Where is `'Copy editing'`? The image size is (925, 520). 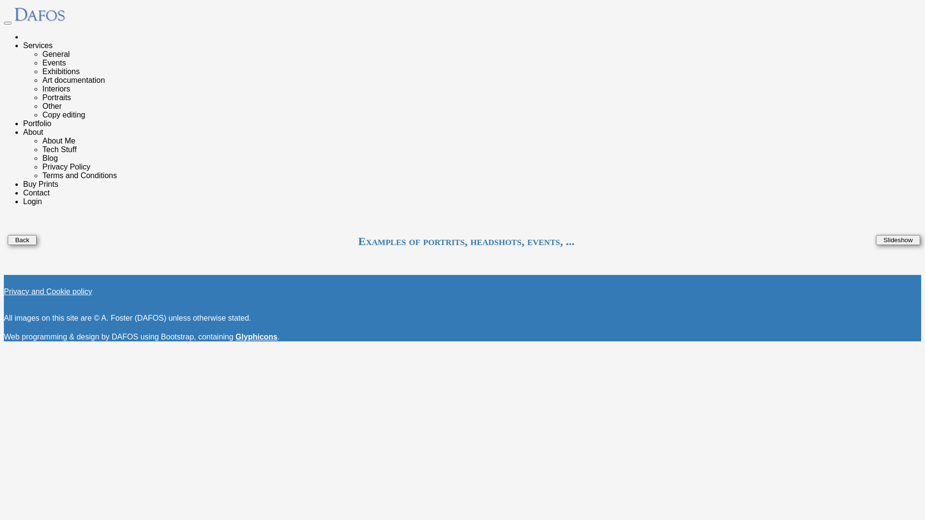 'Copy editing' is located at coordinates (41, 114).